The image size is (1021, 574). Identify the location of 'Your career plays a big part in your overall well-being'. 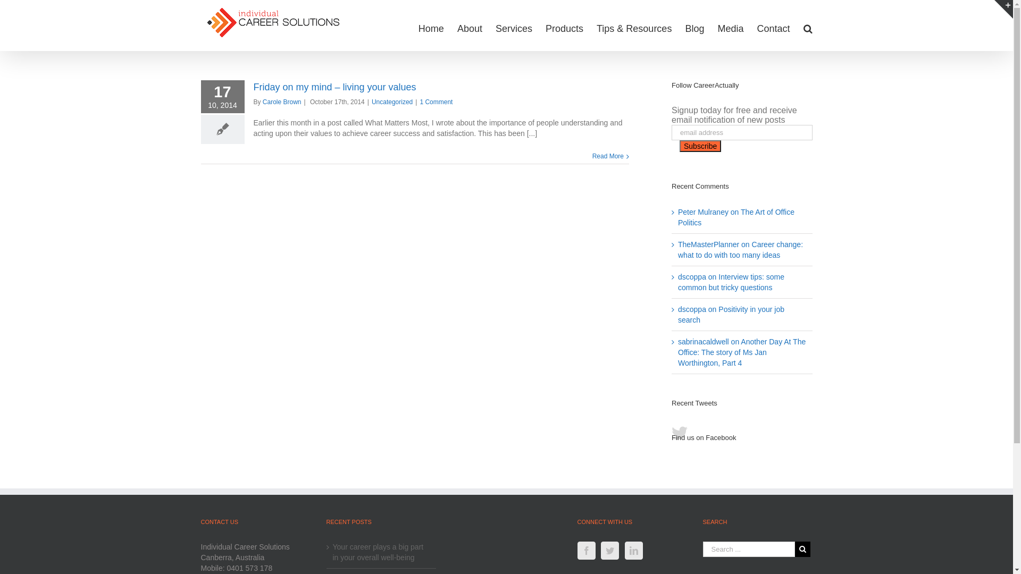
(382, 551).